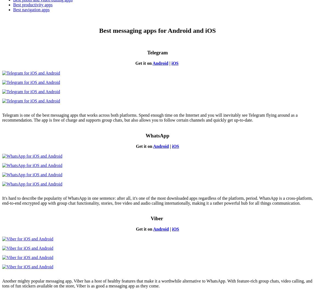 The width and height of the screenshot is (315, 294). Describe the element at coordinates (157, 200) in the screenshot. I see `'It's hard to describe the popularity of WhatsApp in one sentence: after all, it's one of the most downloaded apps regardless of the platform, period. WhatsApp is a cross-platform, end-to-end encrypted app with group chat functionality, stories, free video and audio calling internationally, making it a rather powerful hub for all things communication.'` at that location.